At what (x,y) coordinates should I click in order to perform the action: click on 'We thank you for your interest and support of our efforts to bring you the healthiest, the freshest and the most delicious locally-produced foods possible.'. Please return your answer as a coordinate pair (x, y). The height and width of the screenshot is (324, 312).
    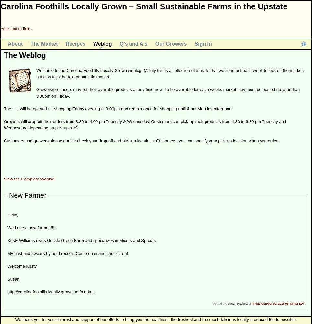
    Looking at the image, I should click on (156, 319).